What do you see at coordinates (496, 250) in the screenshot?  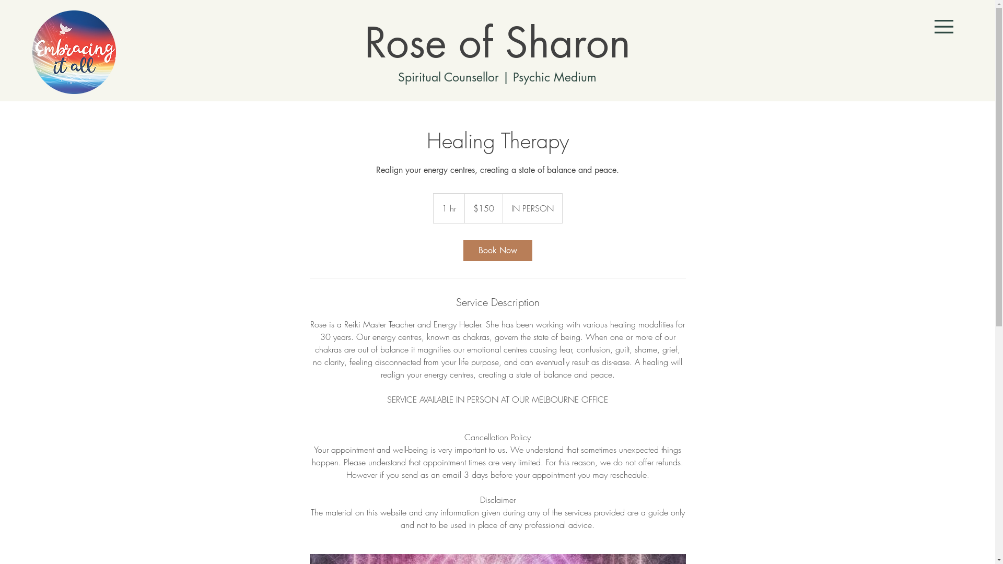 I see `'Book Now'` at bounding box center [496, 250].